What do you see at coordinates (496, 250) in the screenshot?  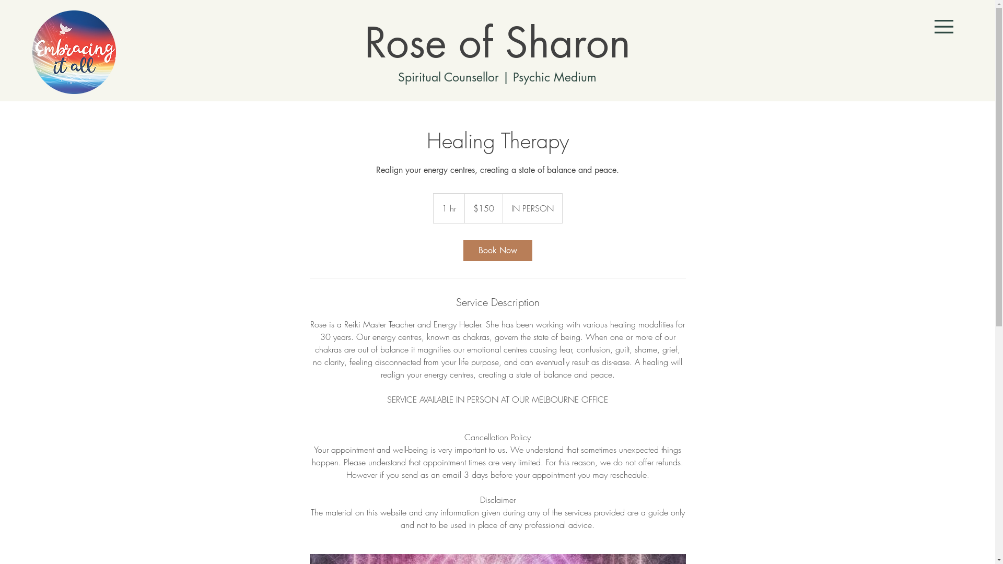 I see `'Book Now'` at bounding box center [496, 250].